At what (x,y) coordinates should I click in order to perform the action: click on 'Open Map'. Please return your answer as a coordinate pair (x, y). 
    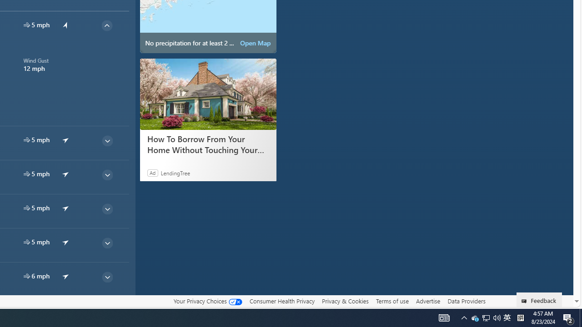
    Looking at the image, I should click on (255, 43).